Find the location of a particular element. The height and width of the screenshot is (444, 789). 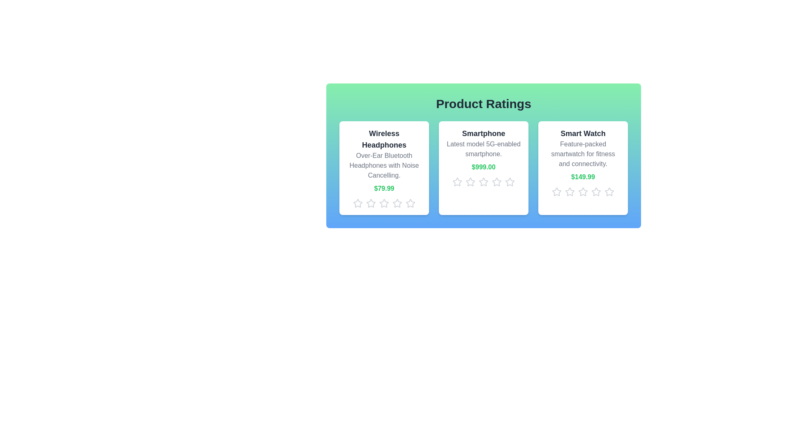

the star icon corresponding to 2 stars for the product Smartphone is located at coordinates (471, 182).